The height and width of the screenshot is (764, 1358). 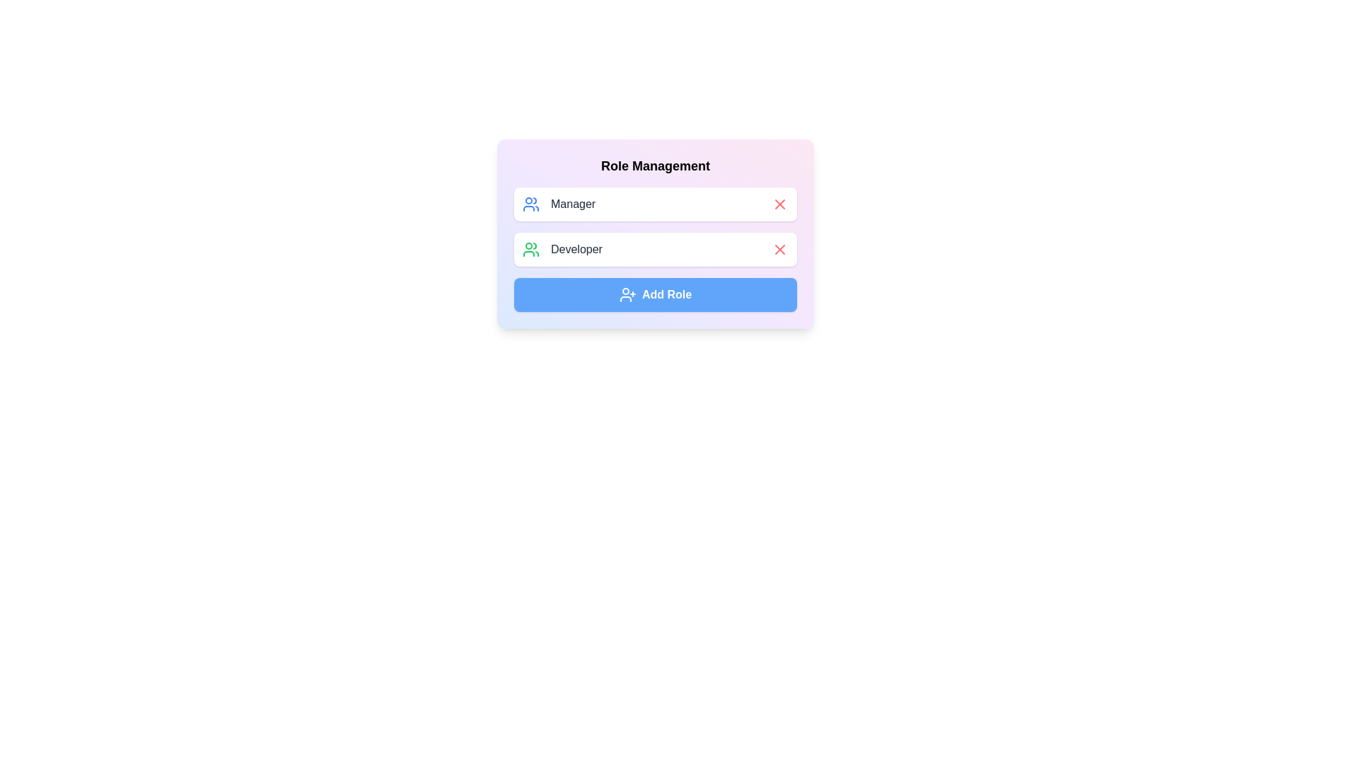 What do you see at coordinates (654, 294) in the screenshot?
I see `the 'Add Role' button to observe hover effects` at bounding box center [654, 294].